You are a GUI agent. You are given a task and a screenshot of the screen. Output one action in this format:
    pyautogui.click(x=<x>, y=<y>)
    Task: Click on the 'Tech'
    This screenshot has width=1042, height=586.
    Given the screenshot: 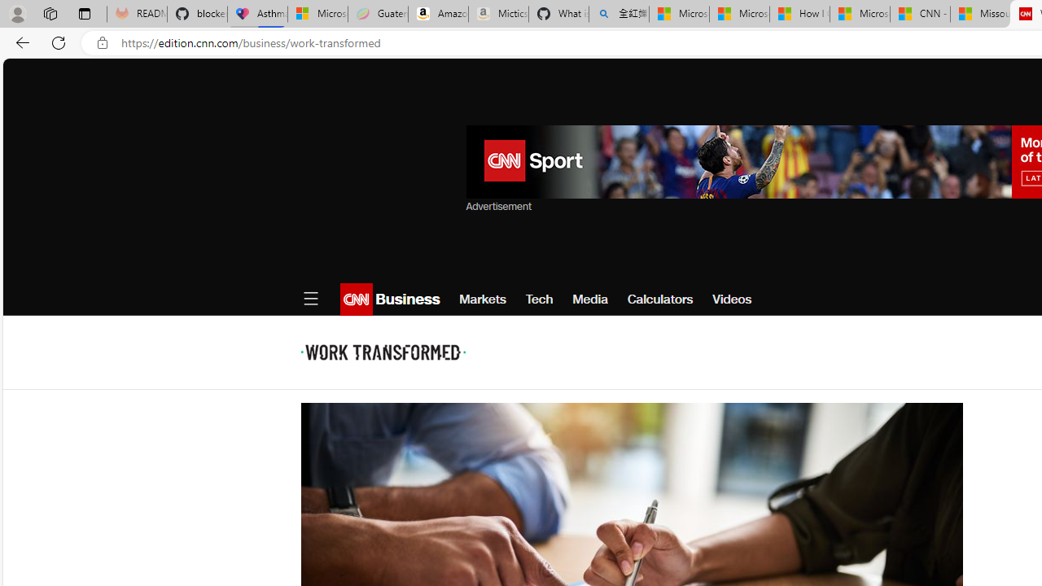 What is the action you would take?
    pyautogui.click(x=539, y=299)
    